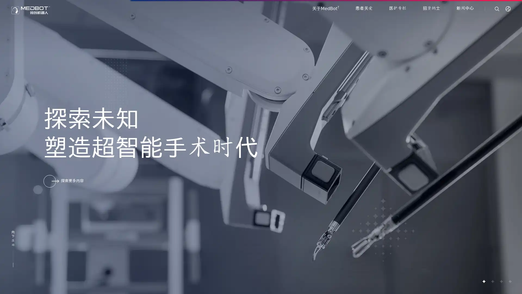  What do you see at coordinates (509, 281) in the screenshot?
I see `Go to slide 4` at bounding box center [509, 281].